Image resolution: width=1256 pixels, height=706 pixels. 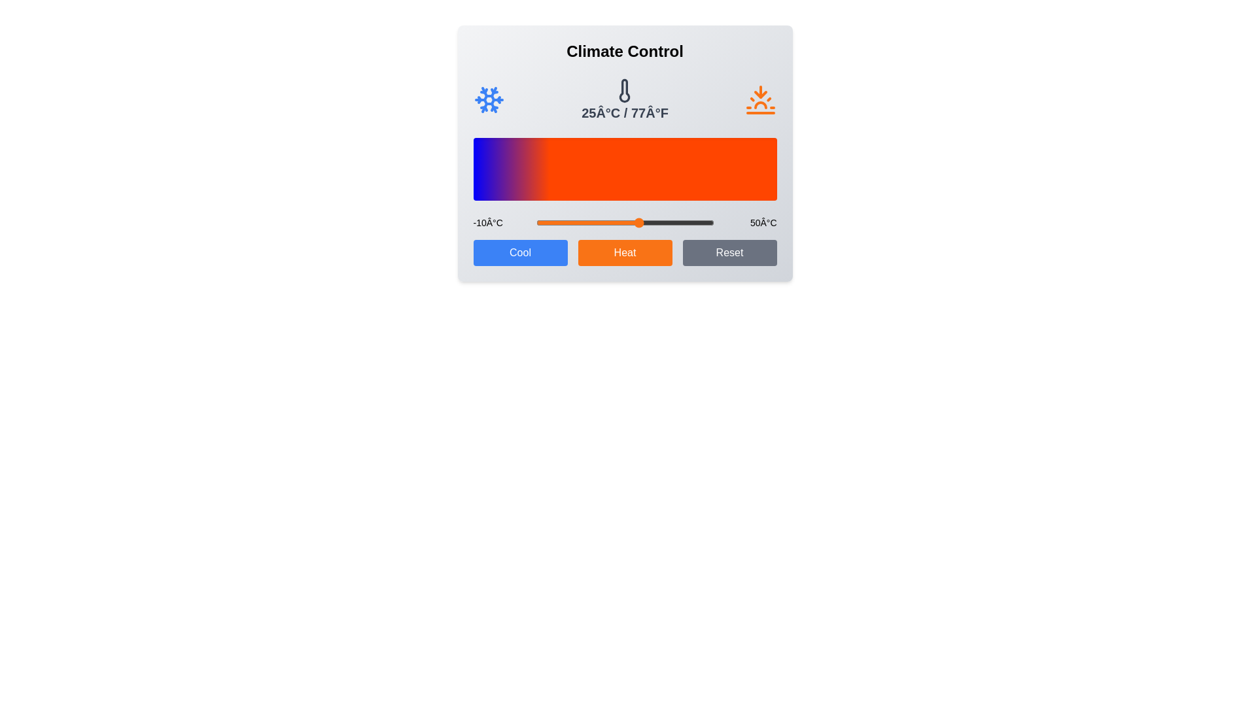 I want to click on the heat icon to trigger its visual feedback, so click(x=761, y=99).